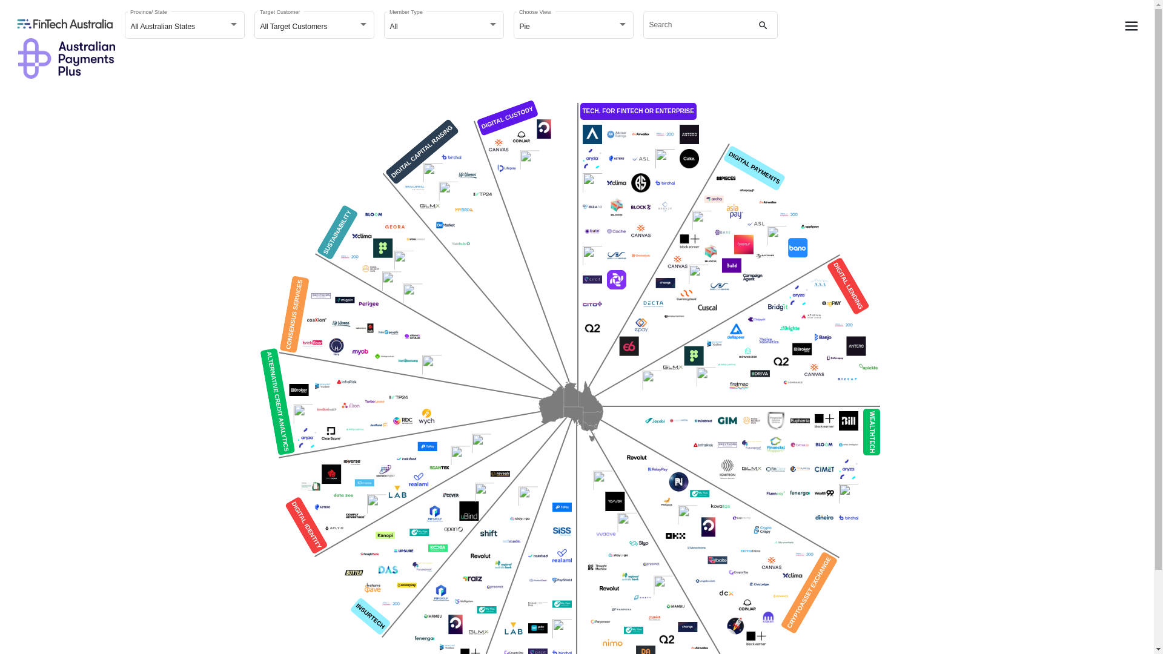 Image resolution: width=1163 pixels, height=654 pixels. I want to click on 'CIMET Sales Pty Ltd', so click(823, 469).